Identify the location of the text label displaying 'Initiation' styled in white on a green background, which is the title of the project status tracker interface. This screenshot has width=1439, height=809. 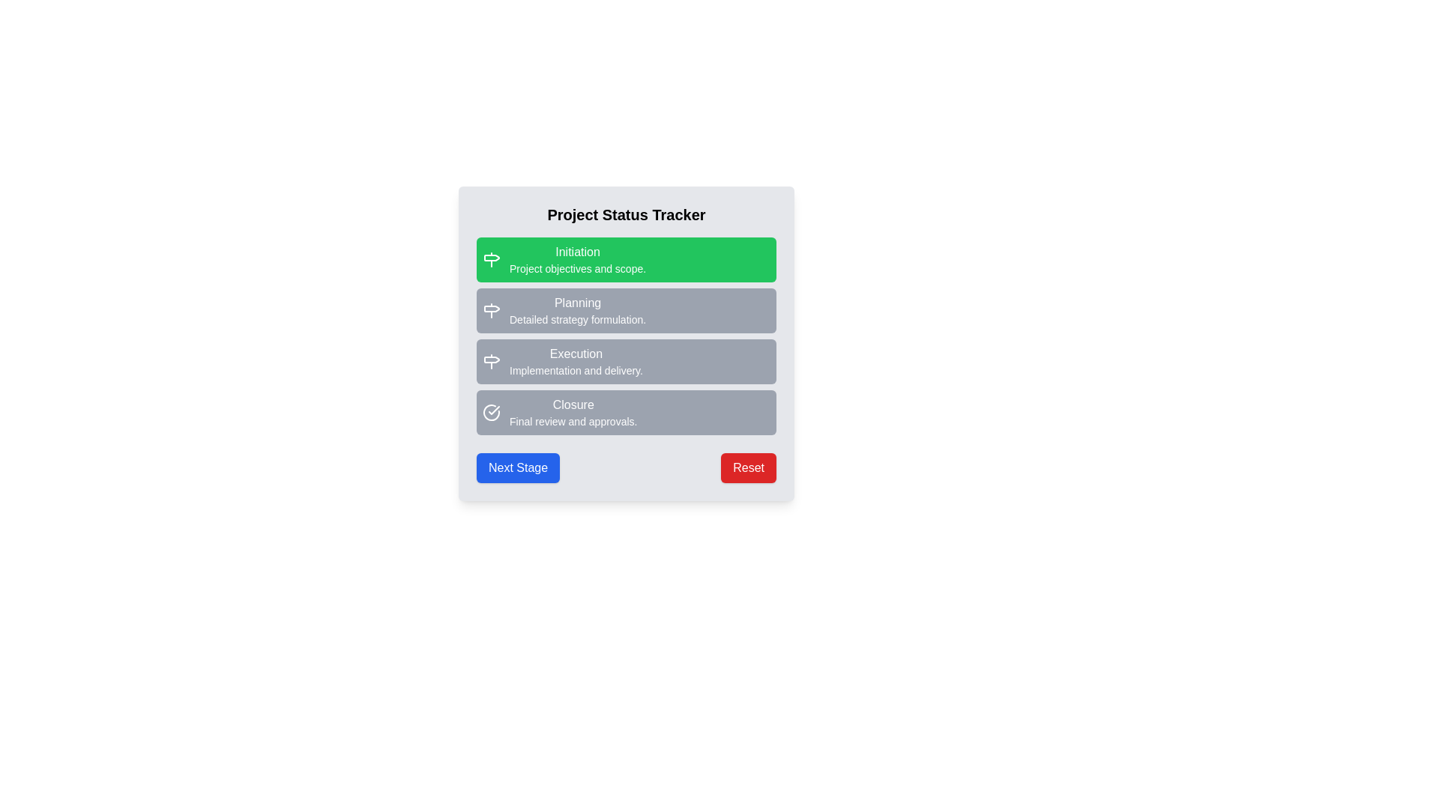
(577, 251).